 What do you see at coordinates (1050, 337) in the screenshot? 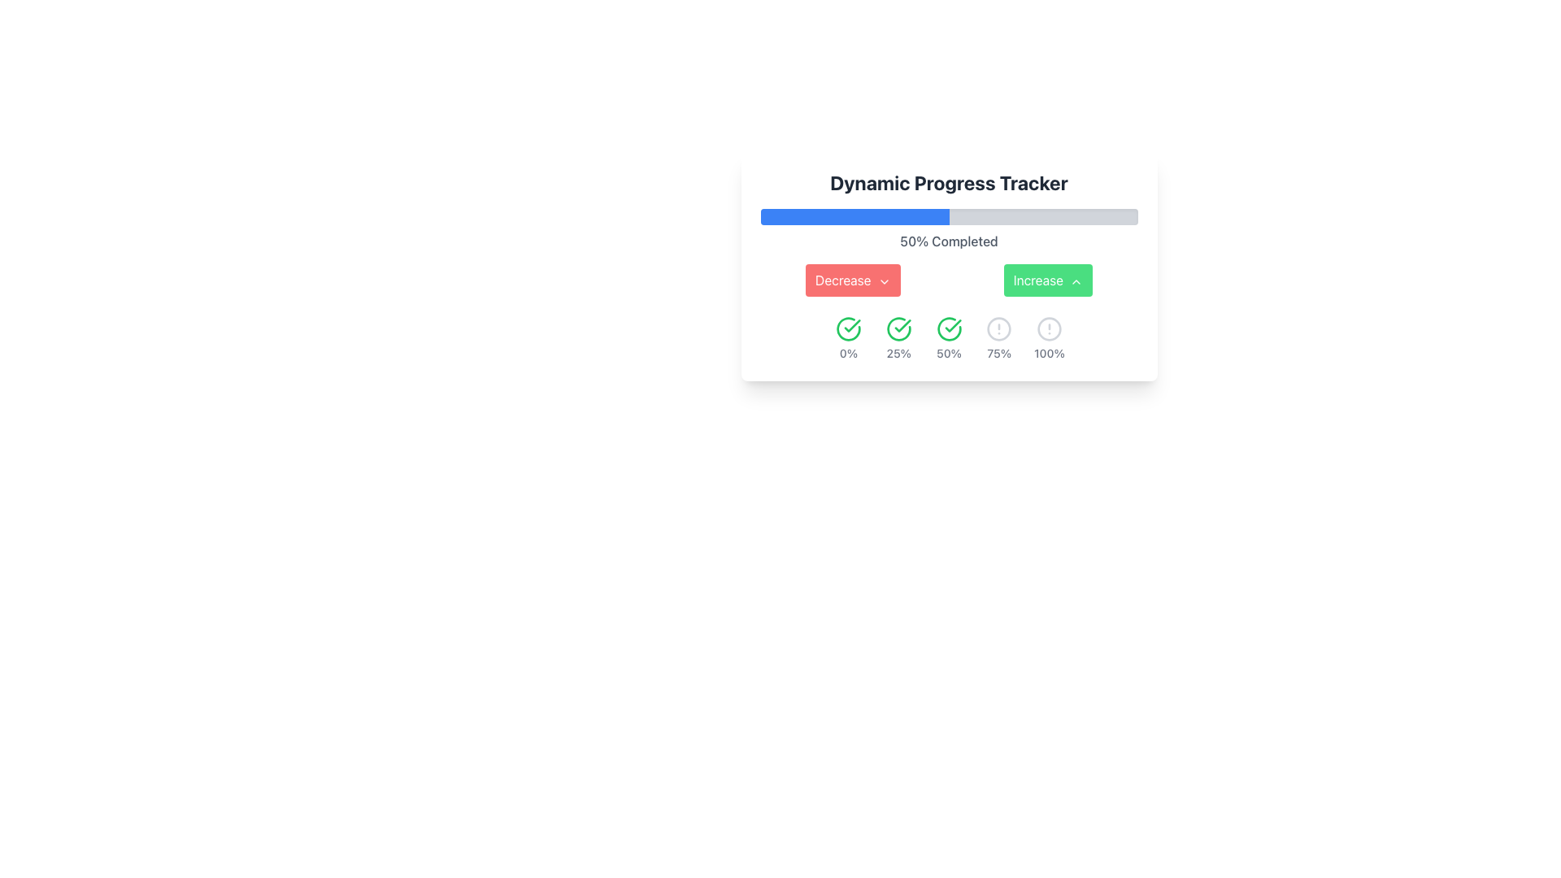
I see `the rounded circular icon displaying '100%' with a centered vertical exclamation mark, located on the far right of the completion percentage icons` at bounding box center [1050, 337].